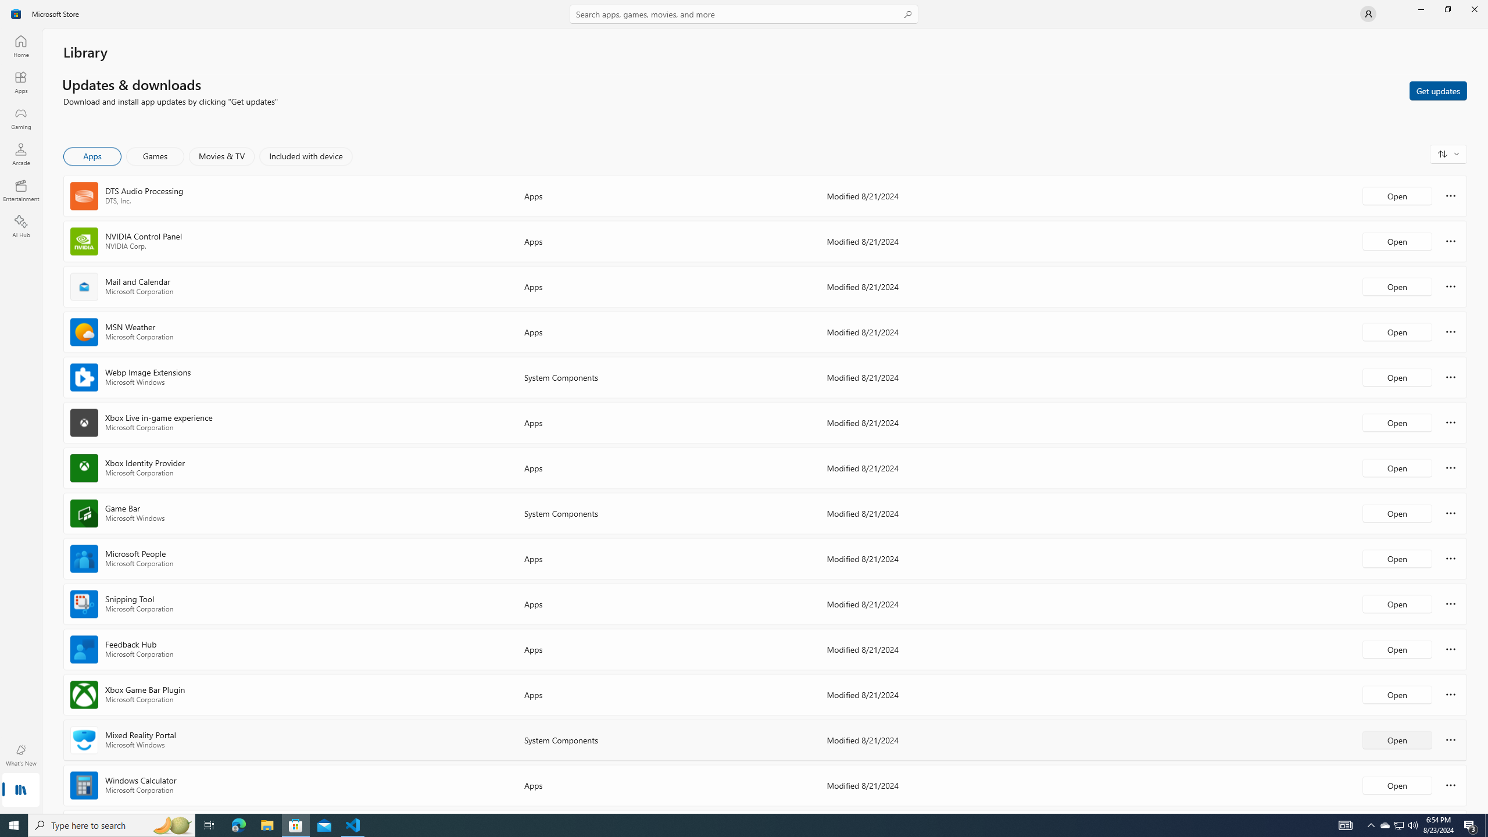 This screenshot has width=1488, height=837. Describe the element at coordinates (20, 226) in the screenshot. I see `'AI Hub'` at that location.